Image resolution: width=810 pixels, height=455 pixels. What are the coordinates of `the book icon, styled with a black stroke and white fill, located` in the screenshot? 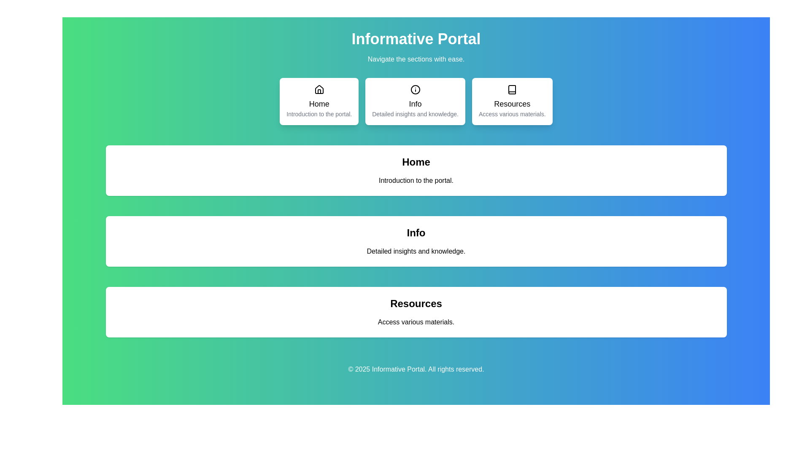 It's located at (512, 89).